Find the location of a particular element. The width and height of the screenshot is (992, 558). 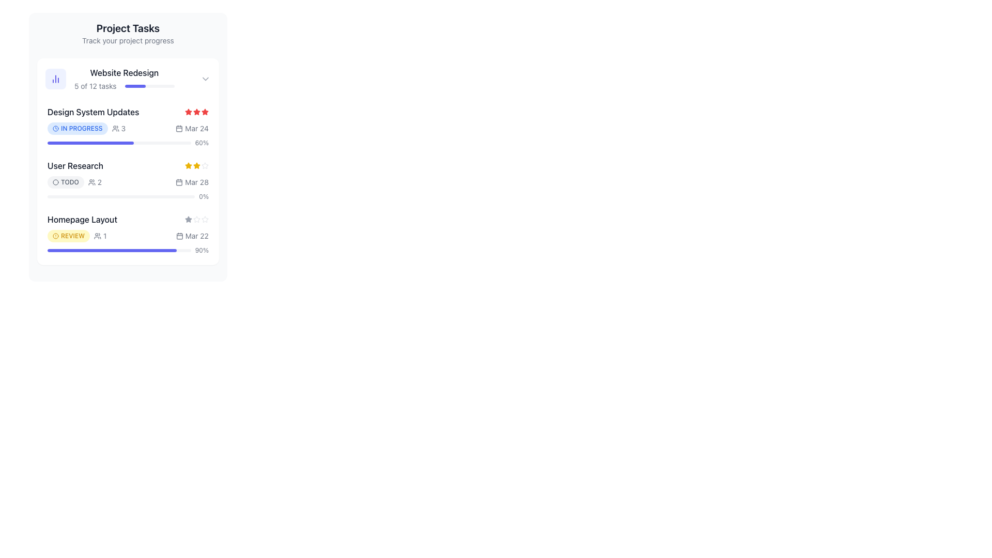

text from the Status label indicating the ongoing task status located in the 'Design System Updates' section, positioned left and below the task title, adjacent to the numeric value '3' is located at coordinates (77, 128).